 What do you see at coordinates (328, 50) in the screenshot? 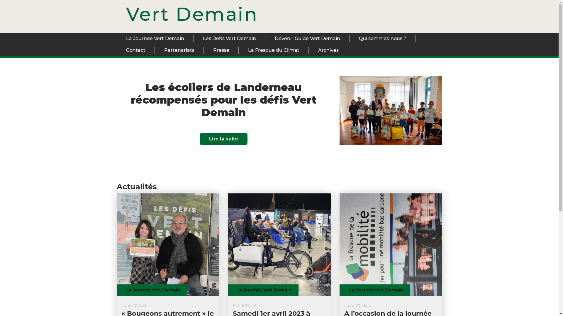
I see `'Archives'` at bounding box center [328, 50].